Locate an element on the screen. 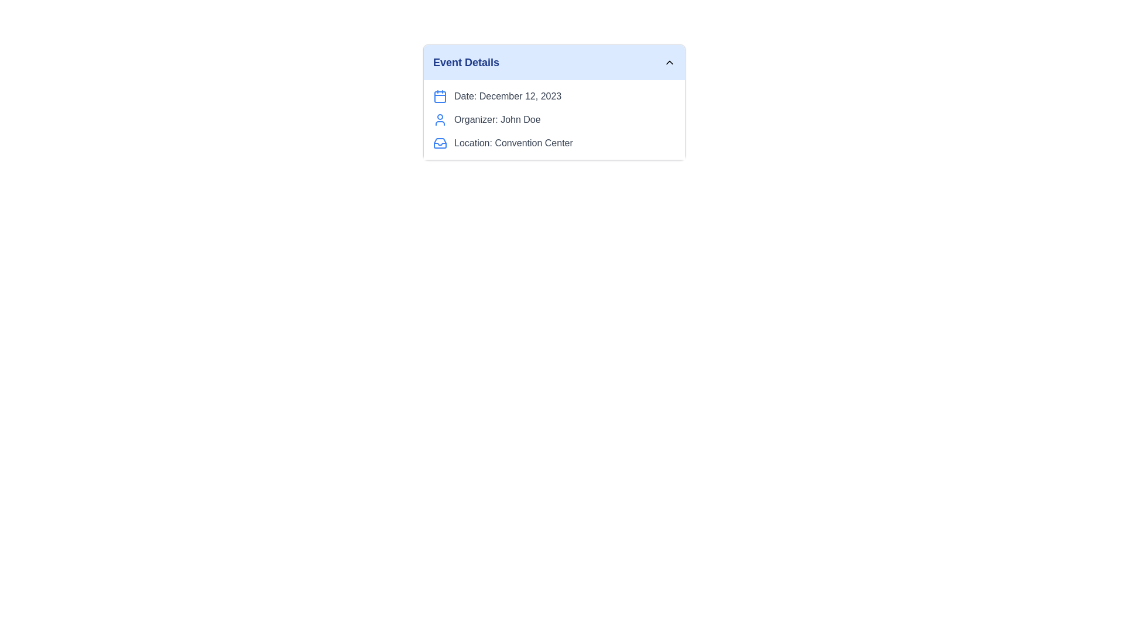 This screenshot has width=1124, height=632. the Chevron-Up icon located at the top-right corner of the 'Event Details' header is located at coordinates (669, 63).